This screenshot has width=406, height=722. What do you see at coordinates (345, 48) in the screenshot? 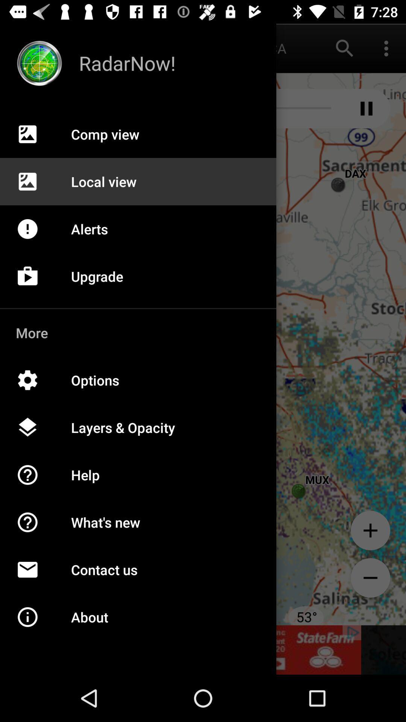
I see `the search icon` at bounding box center [345, 48].